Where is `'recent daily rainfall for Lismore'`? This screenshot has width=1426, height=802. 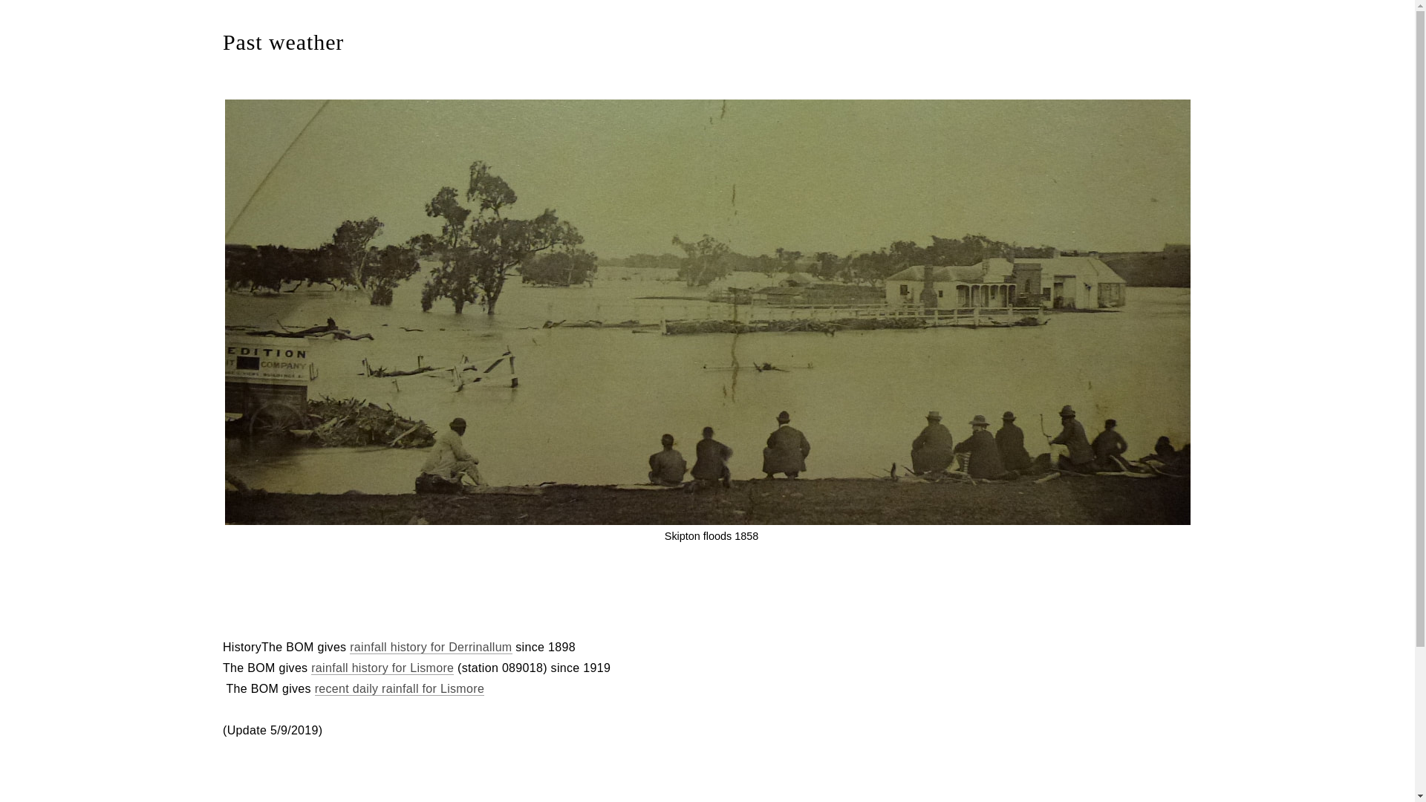
'recent daily rainfall for Lismore' is located at coordinates (313, 689).